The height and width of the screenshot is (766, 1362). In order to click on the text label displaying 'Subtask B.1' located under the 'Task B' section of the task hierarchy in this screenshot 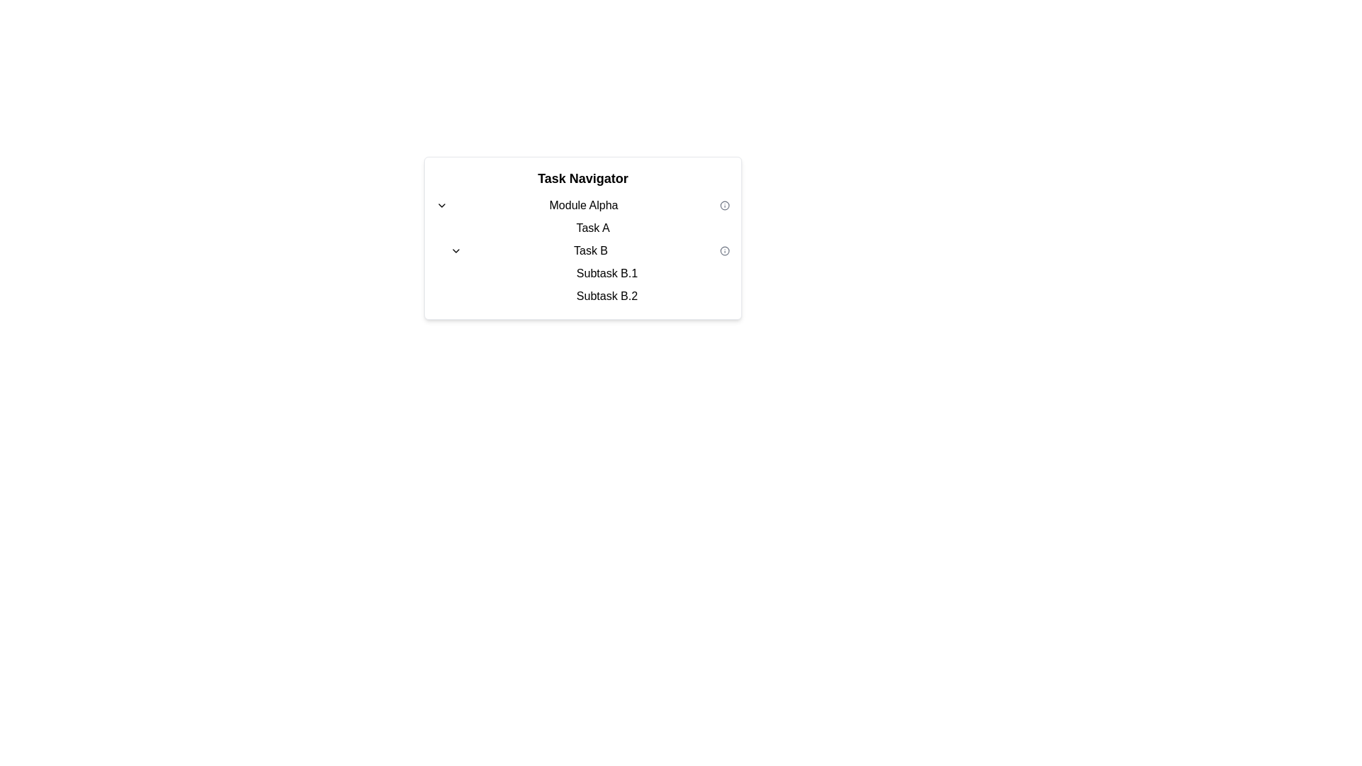, I will do `click(604, 273)`.